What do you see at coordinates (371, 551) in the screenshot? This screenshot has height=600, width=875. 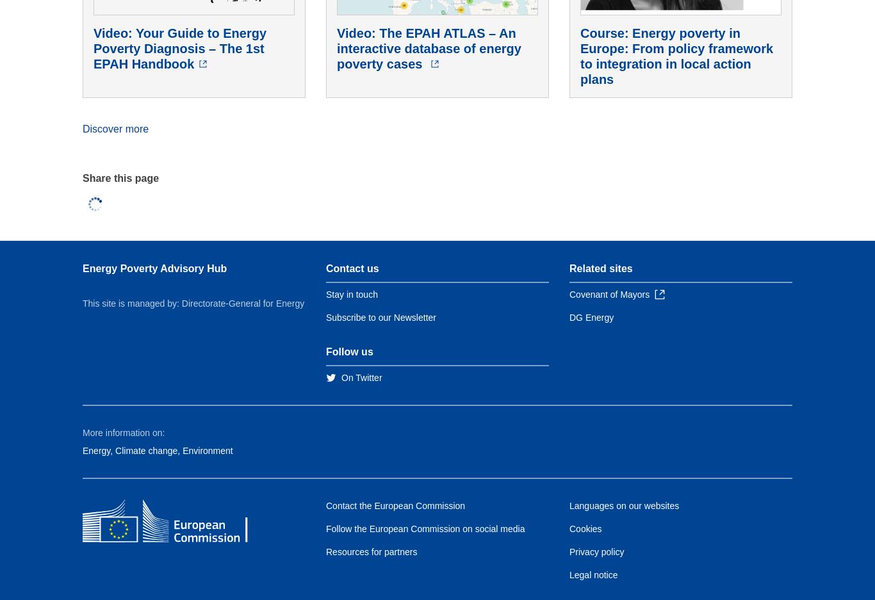 I see `'Resources for partners'` at bounding box center [371, 551].